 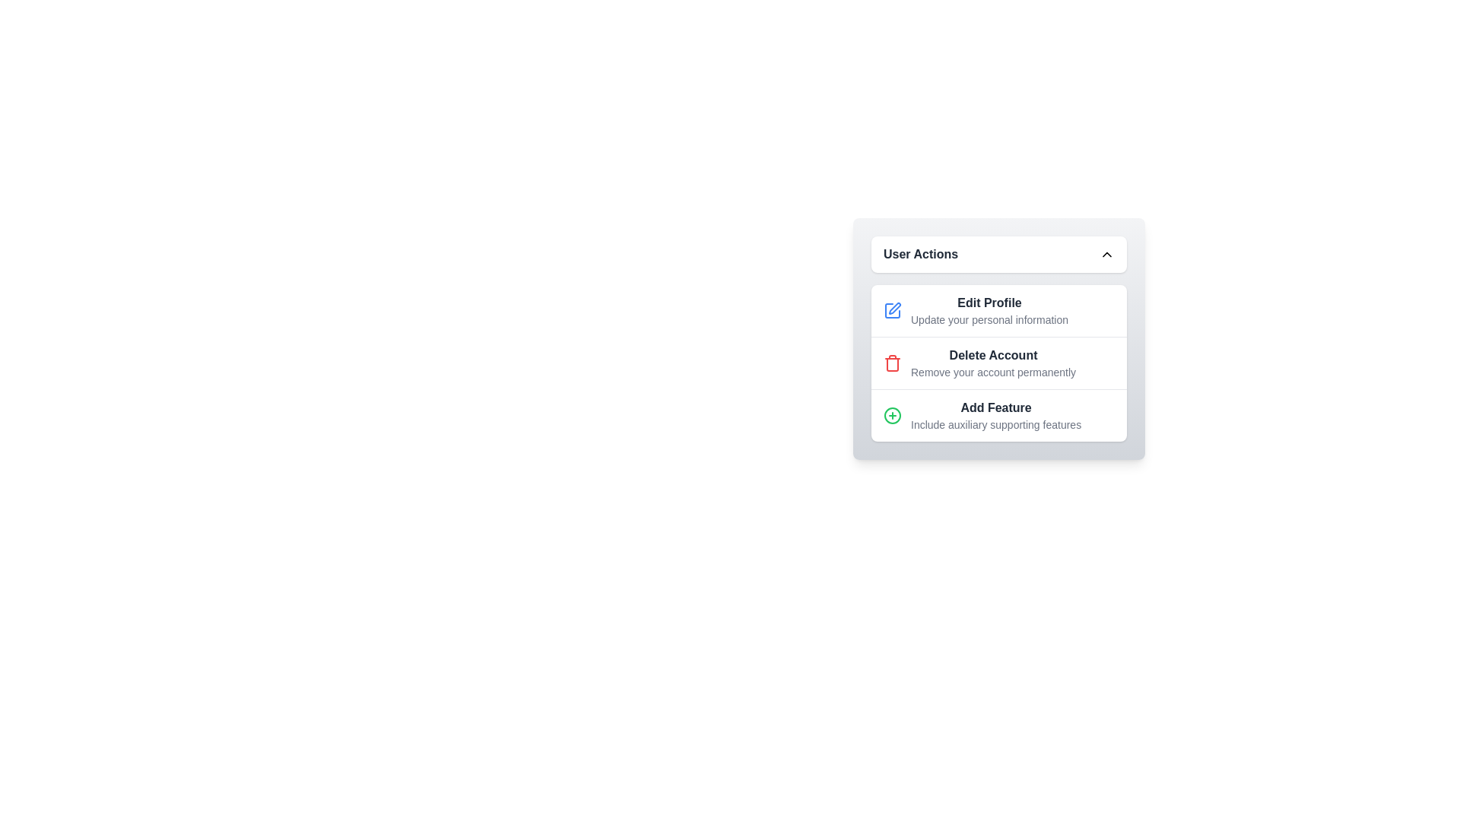 What do you see at coordinates (999, 309) in the screenshot?
I see `the first button in the 'User Actions' panel` at bounding box center [999, 309].